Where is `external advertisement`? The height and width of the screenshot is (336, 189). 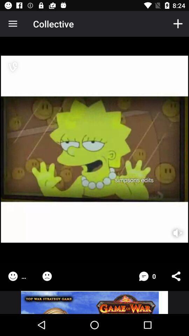 external advertisement is located at coordinates (94, 302).